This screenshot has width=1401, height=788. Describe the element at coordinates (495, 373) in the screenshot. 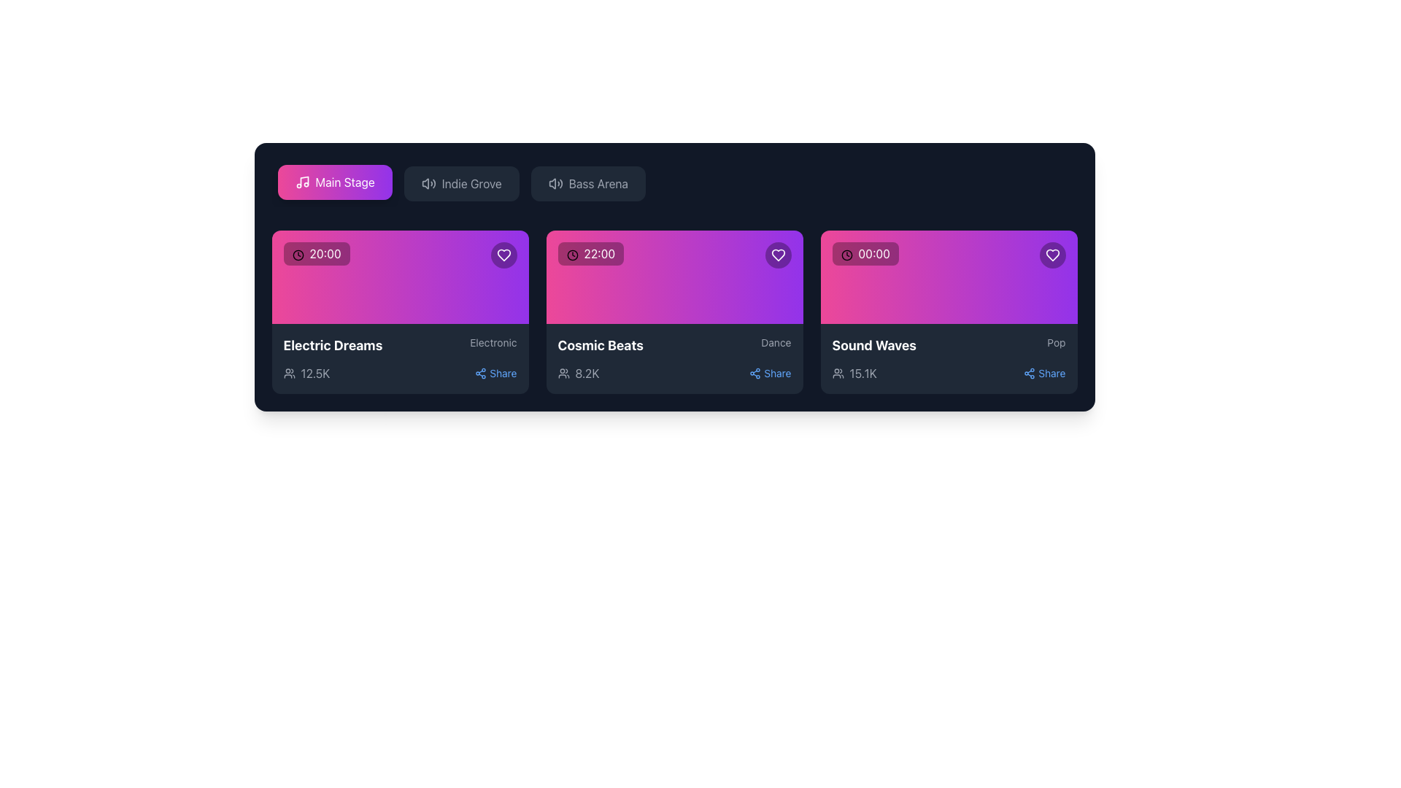

I see `the share button located at the bottom-right of the card for the event 'Electric Dreams' to initiate the sharing process` at that location.